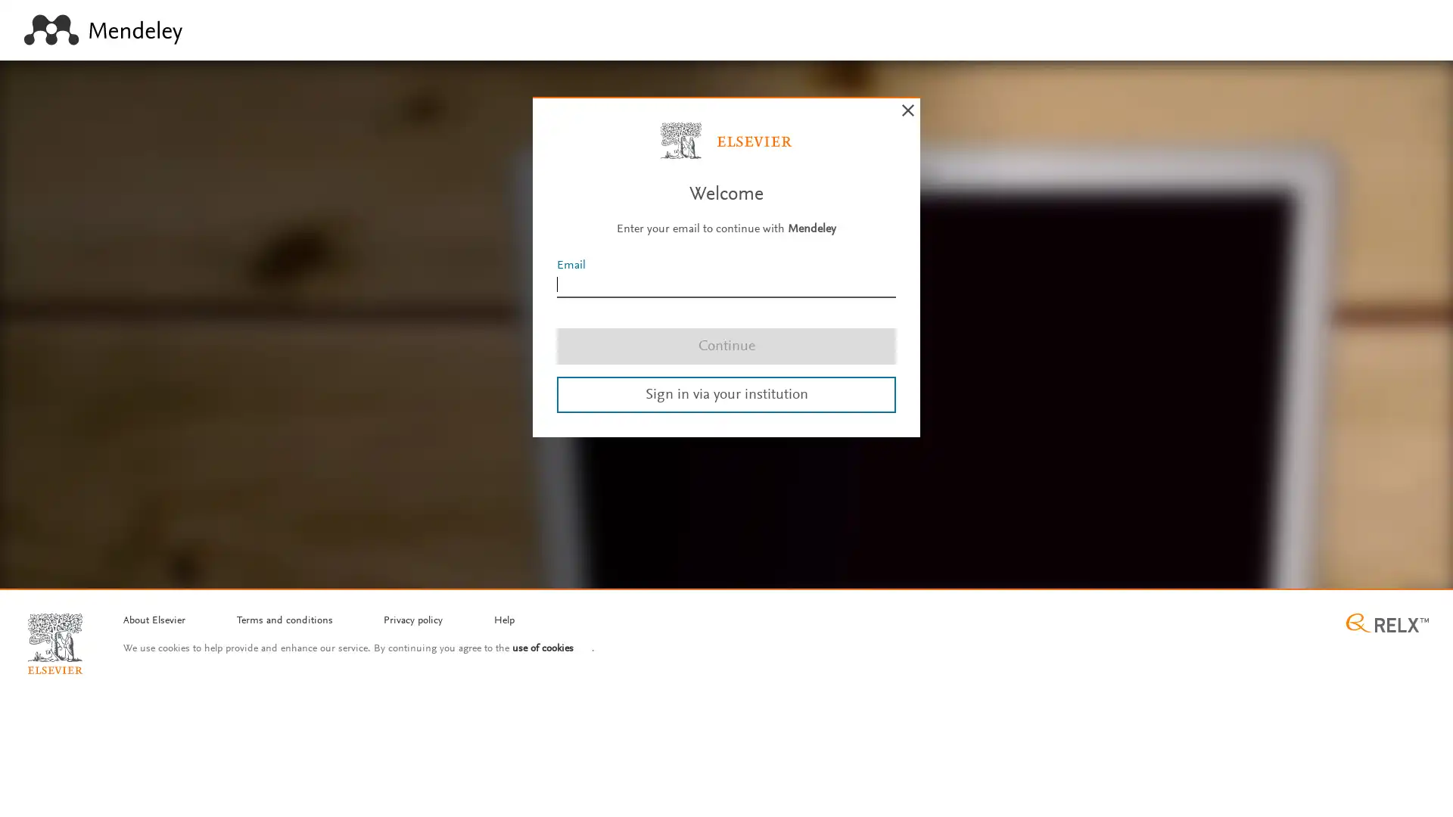  What do you see at coordinates (726, 345) in the screenshot?
I see `Continue` at bounding box center [726, 345].